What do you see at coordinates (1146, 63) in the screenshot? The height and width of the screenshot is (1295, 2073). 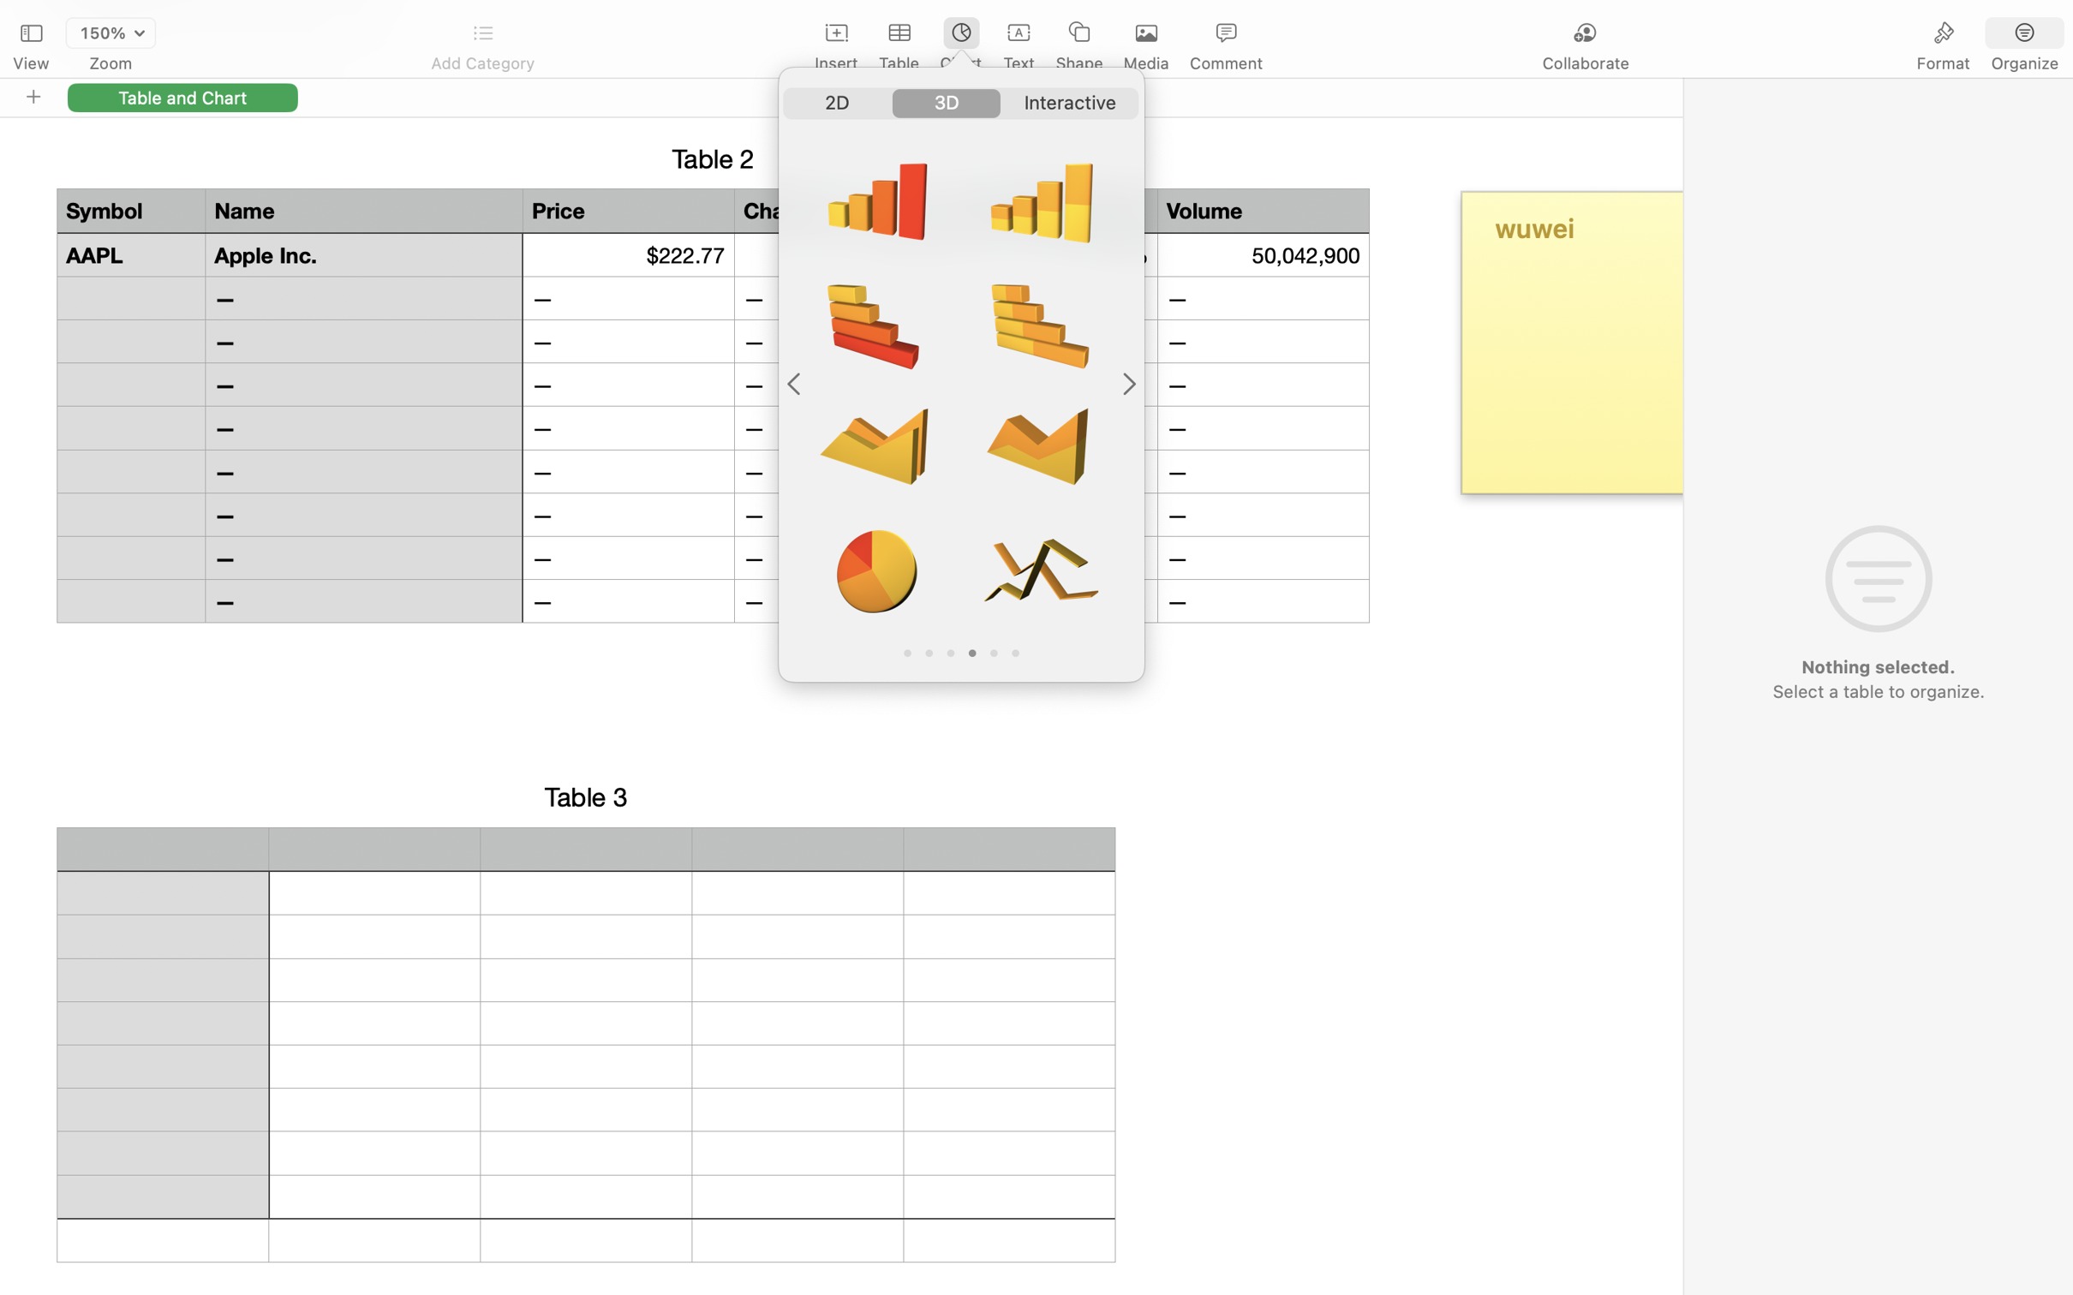 I see `'Media'` at bounding box center [1146, 63].